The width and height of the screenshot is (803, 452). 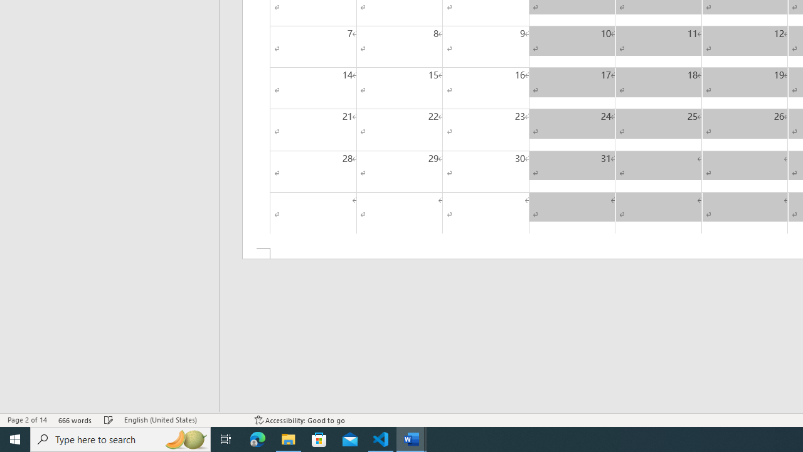 I want to click on 'Word Count 666 words', so click(x=75, y=420).